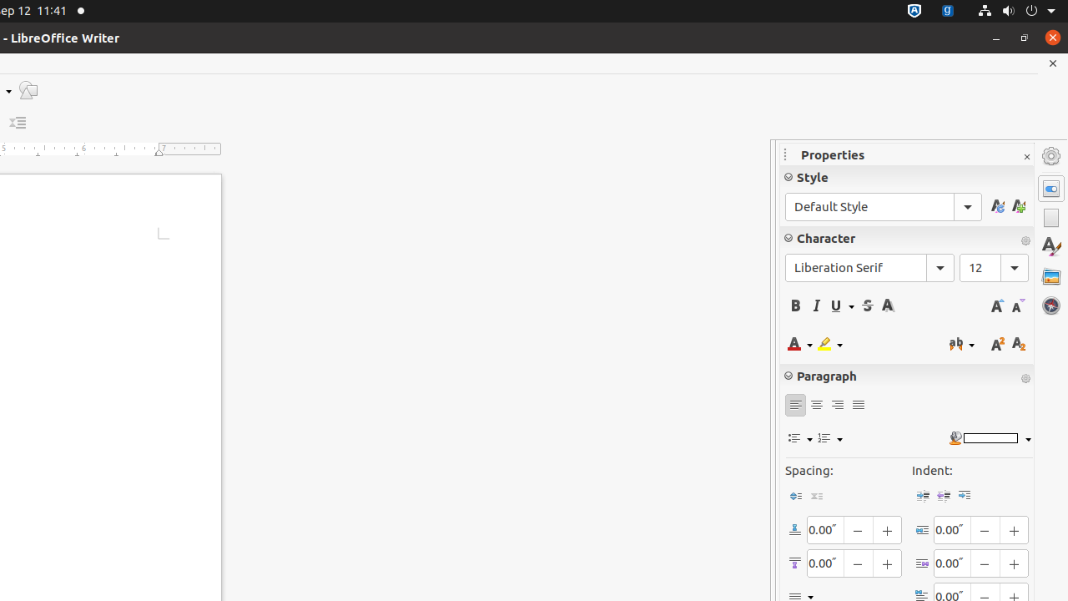 This screenshot has height=601, width=1068. What do you see at coordinates (1015, 11) in the screenshot?
I see `'System'` at bounding box center [1015, 11].